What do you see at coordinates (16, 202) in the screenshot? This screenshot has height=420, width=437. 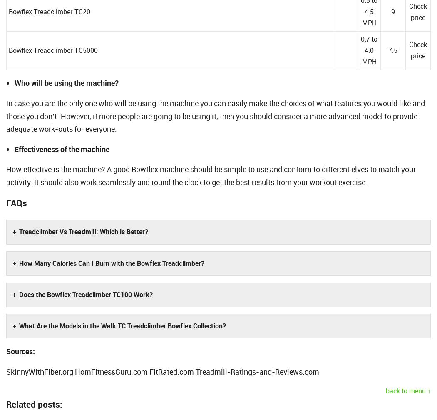 I see `'FAQs'` at bounding box center [16, 202].